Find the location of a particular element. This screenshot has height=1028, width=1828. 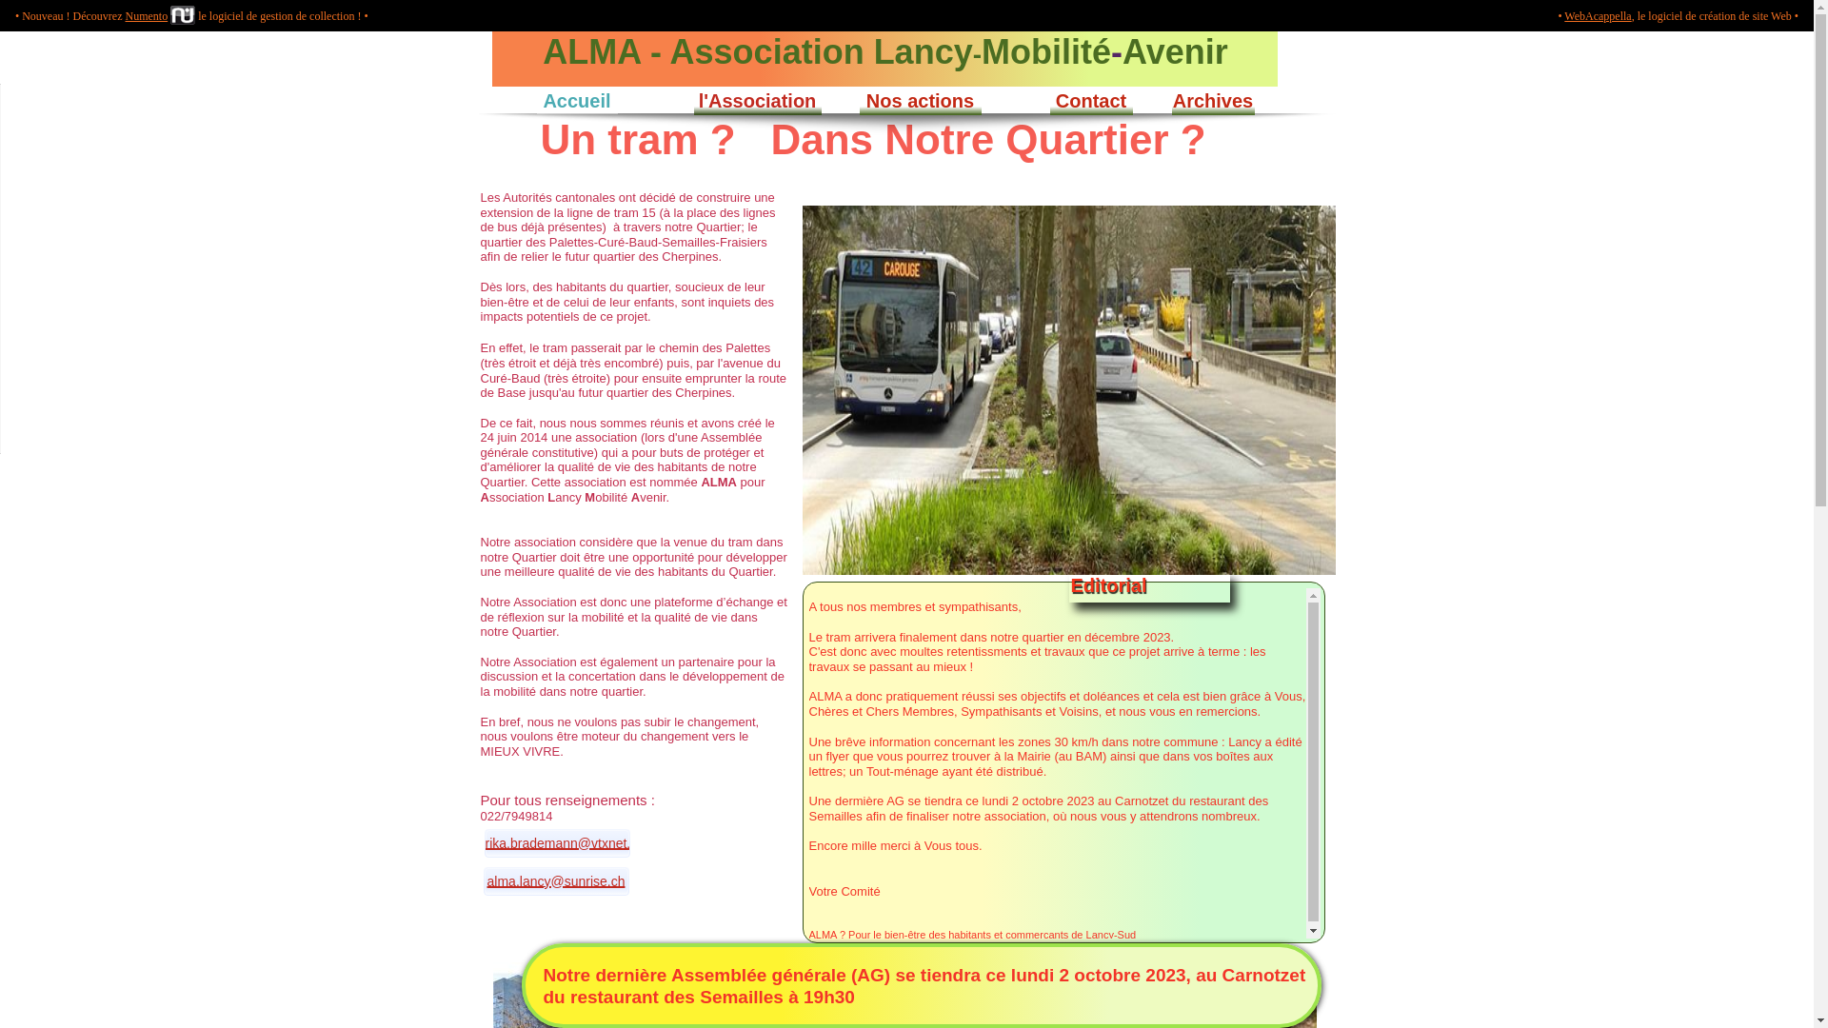

'Archives' is located at coordinates (1211, 100).